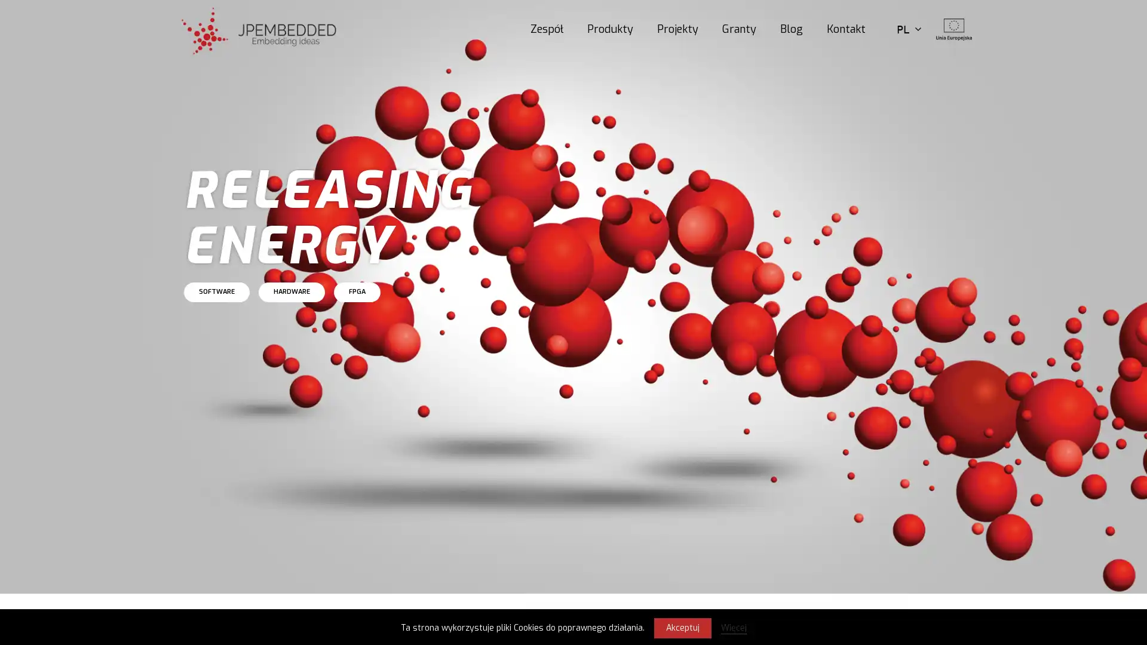 The height and width of the screenshot is (645, 1147). I want to click on PL, so click(908, 29).